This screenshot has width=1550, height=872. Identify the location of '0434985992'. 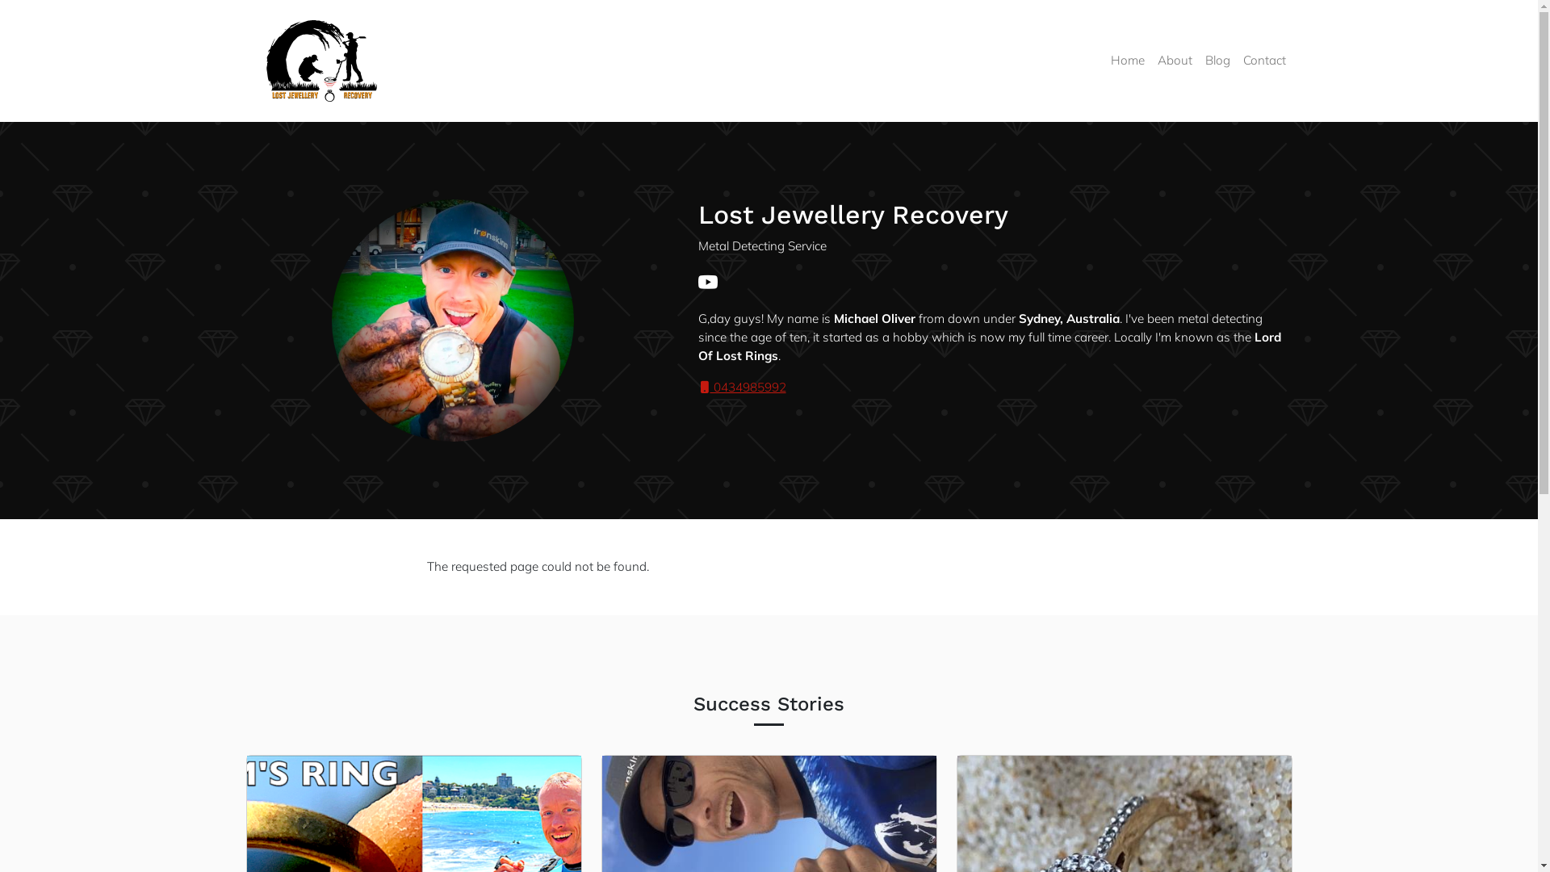
(740, 387).